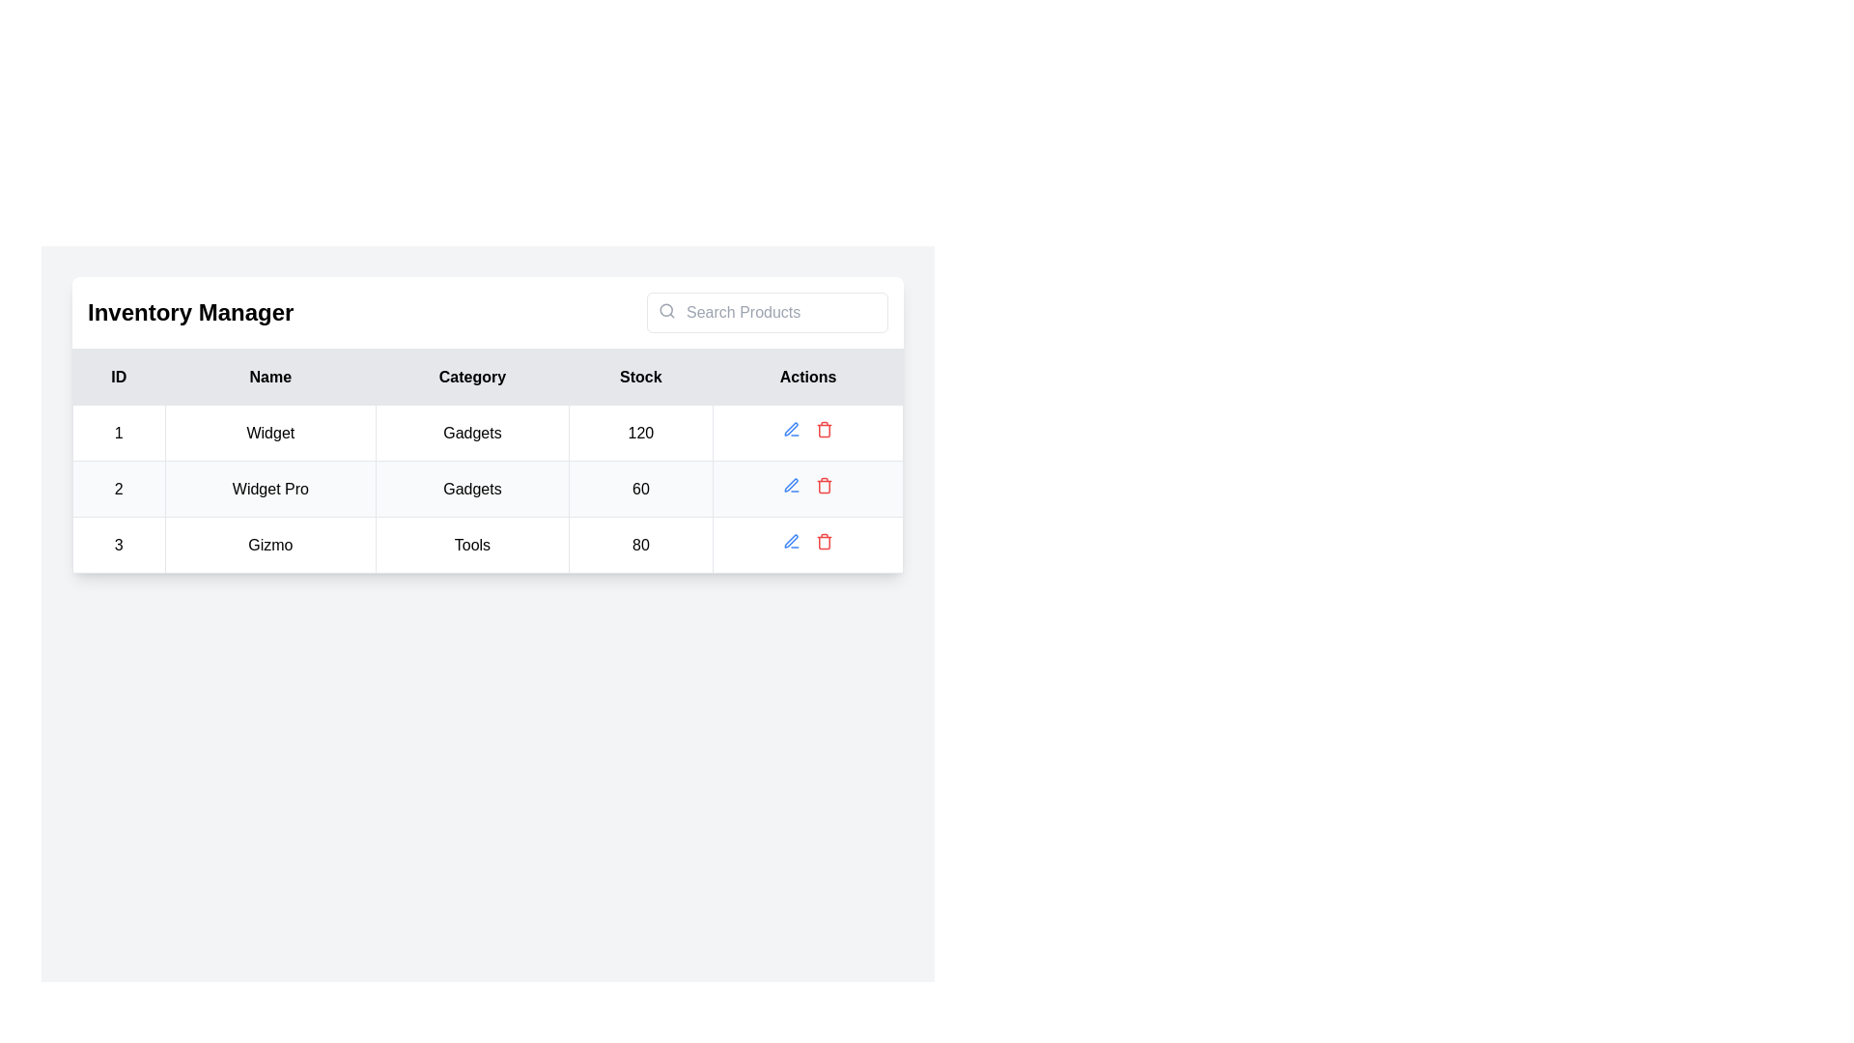  What do you see at coordinates (269, 545) in the screenshot?
I see `the Text label displaying the name 'Gizmo', which is located in the second column of the third row of the inventory table` at bounding box center [269, 545].